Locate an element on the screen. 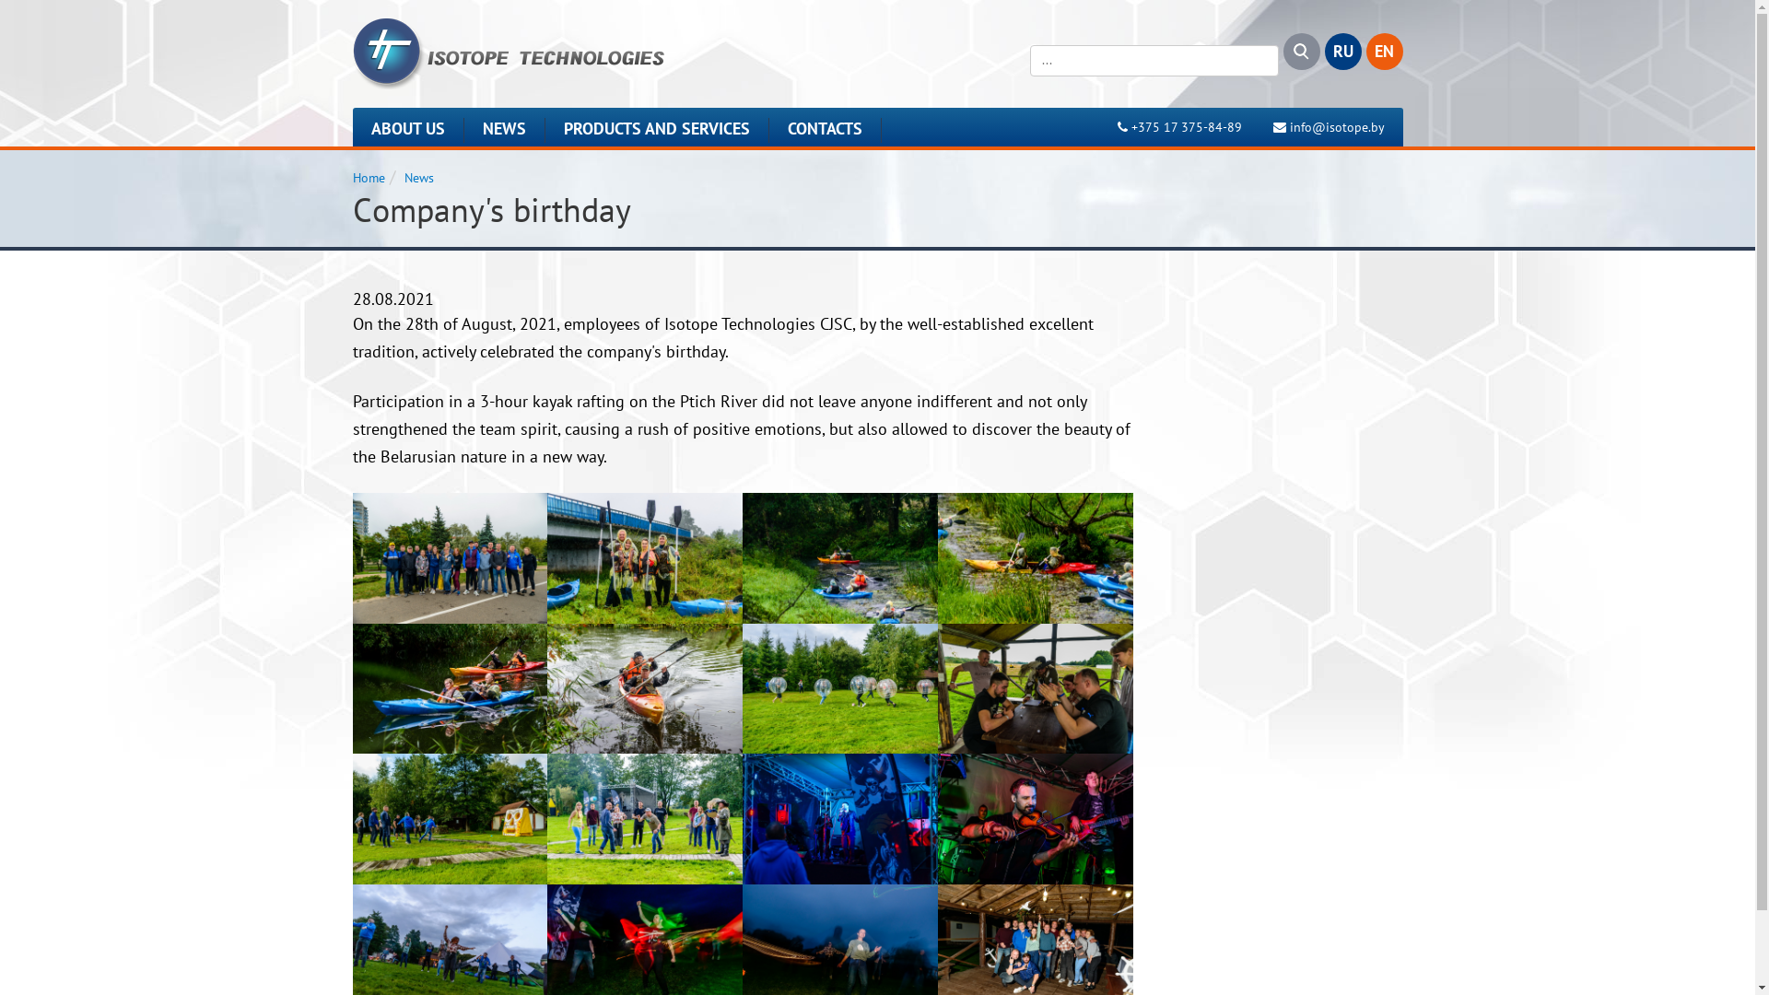 Image resolution: width=1769 pixels, height=995 pixels. 'NEWS' is located at coordinates (504, 129).